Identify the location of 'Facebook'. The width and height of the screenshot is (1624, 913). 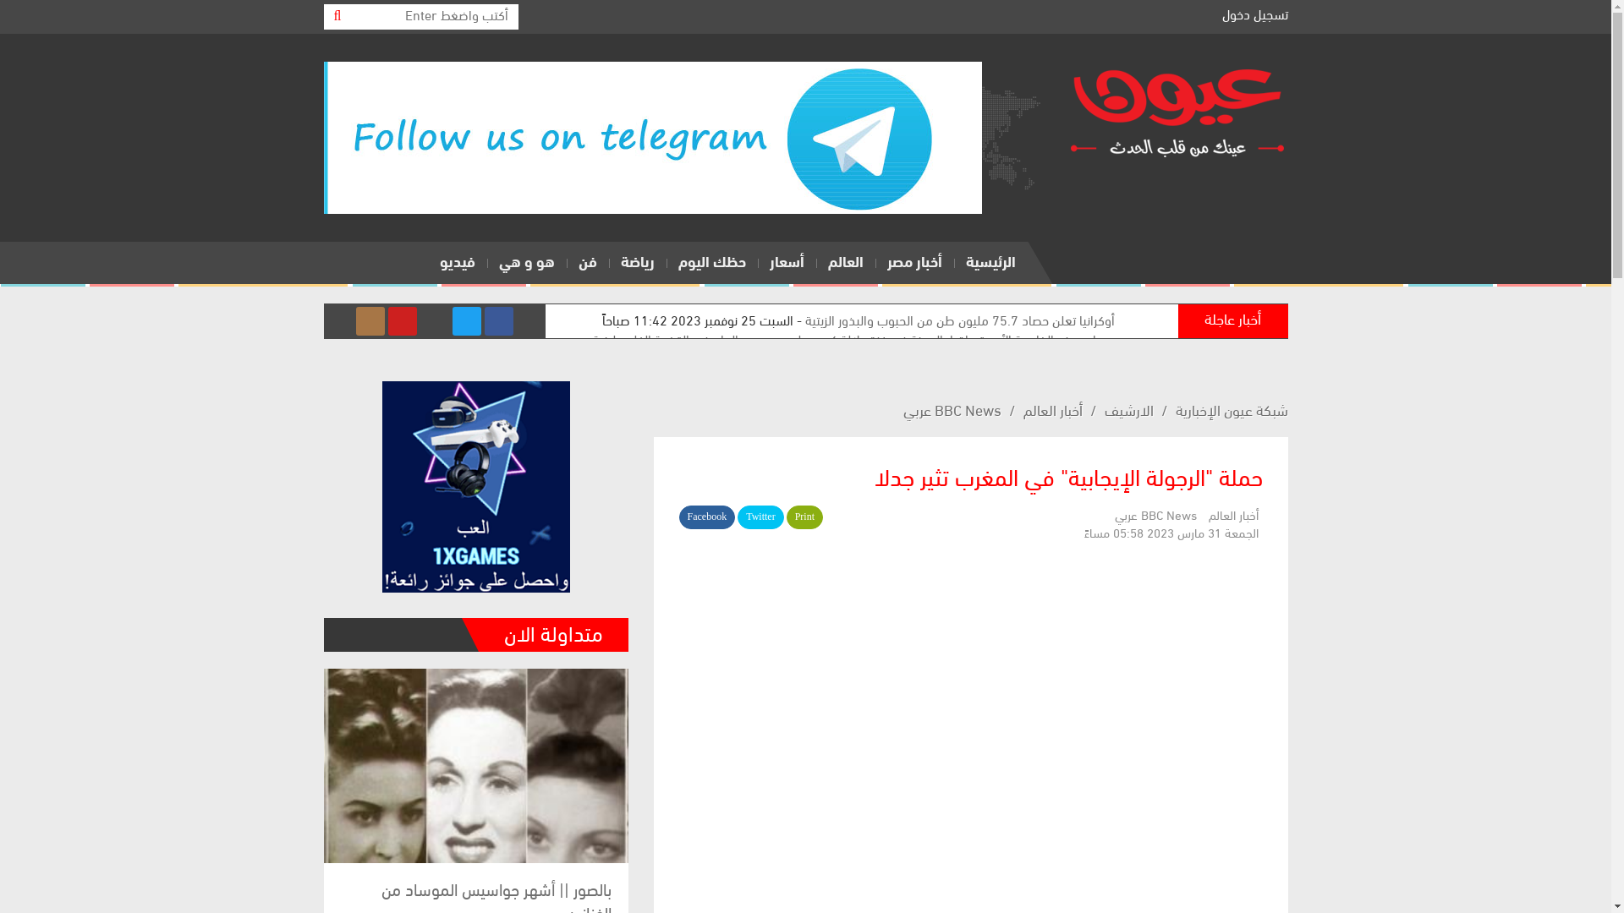
(706, 517).